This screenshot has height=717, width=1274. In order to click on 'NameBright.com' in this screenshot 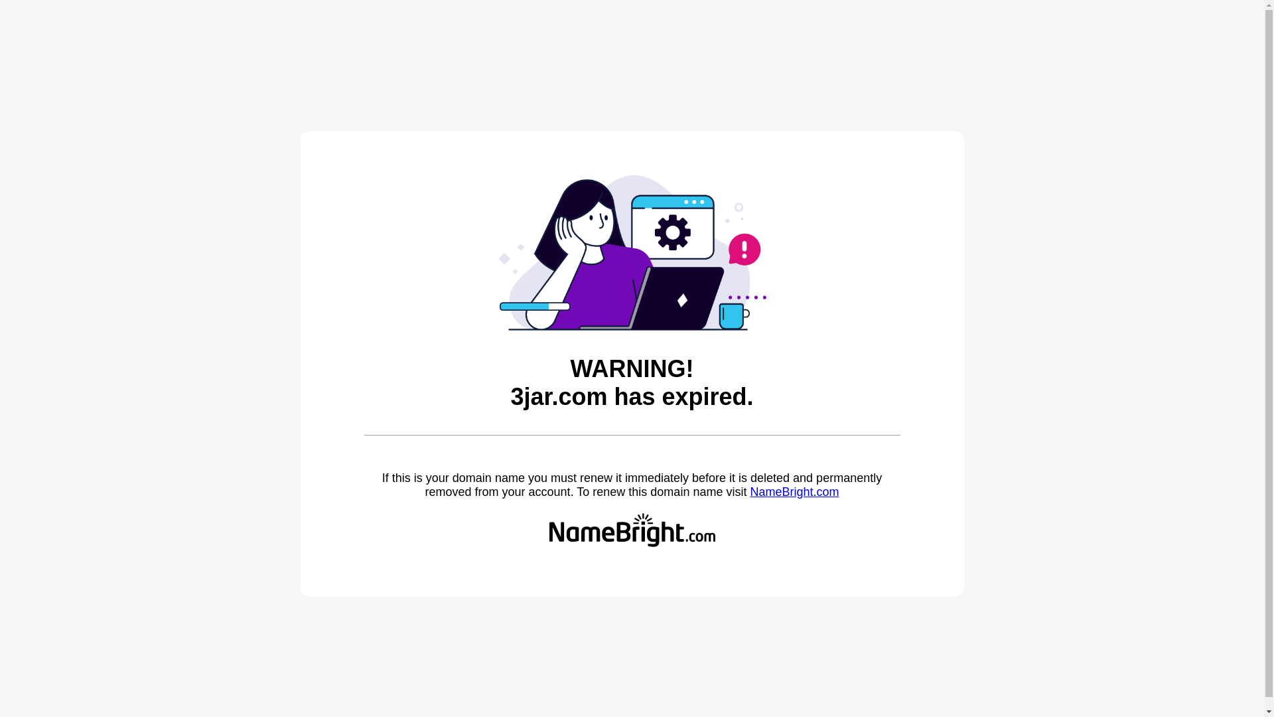, I will do `click(794, 491)`.